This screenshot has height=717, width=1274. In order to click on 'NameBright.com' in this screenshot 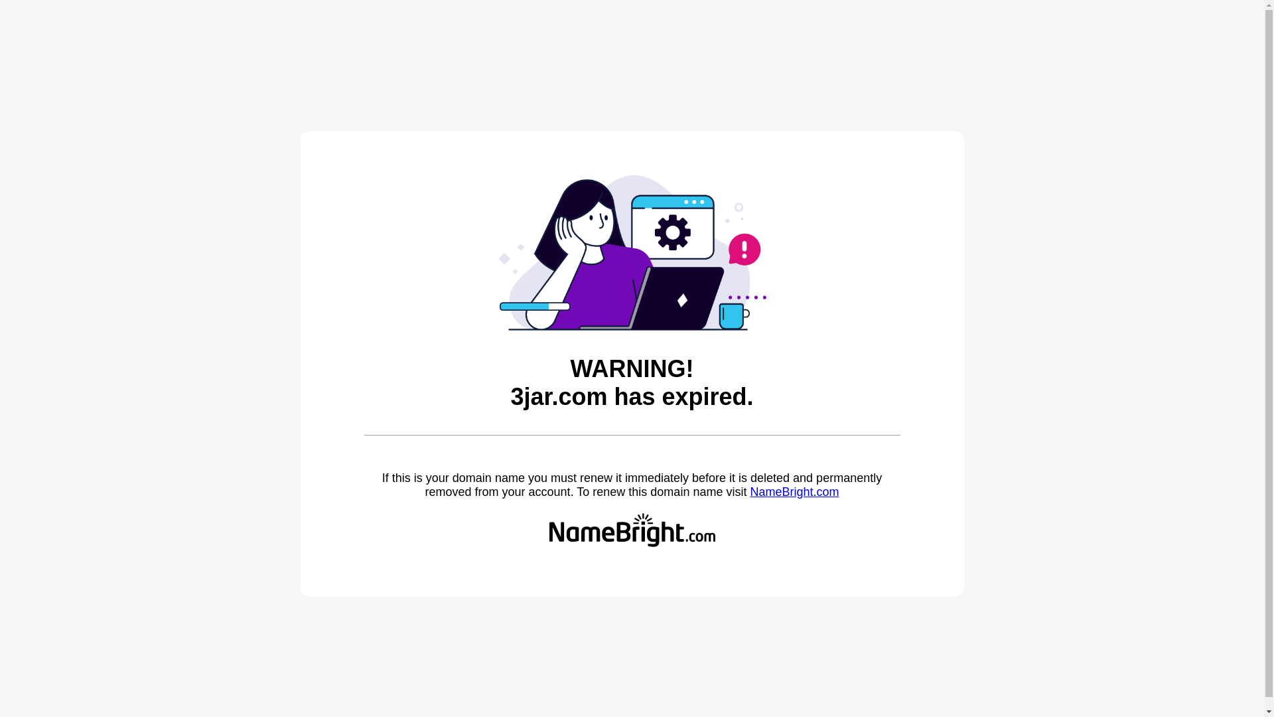, I will do `click(794, 491)`.